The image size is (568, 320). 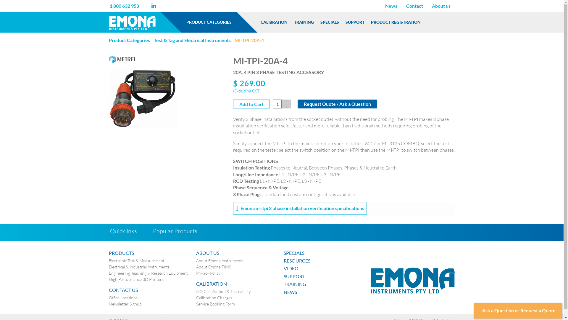 I want to click on 'High Performance 3D Printers', so click(x=109, y=279).